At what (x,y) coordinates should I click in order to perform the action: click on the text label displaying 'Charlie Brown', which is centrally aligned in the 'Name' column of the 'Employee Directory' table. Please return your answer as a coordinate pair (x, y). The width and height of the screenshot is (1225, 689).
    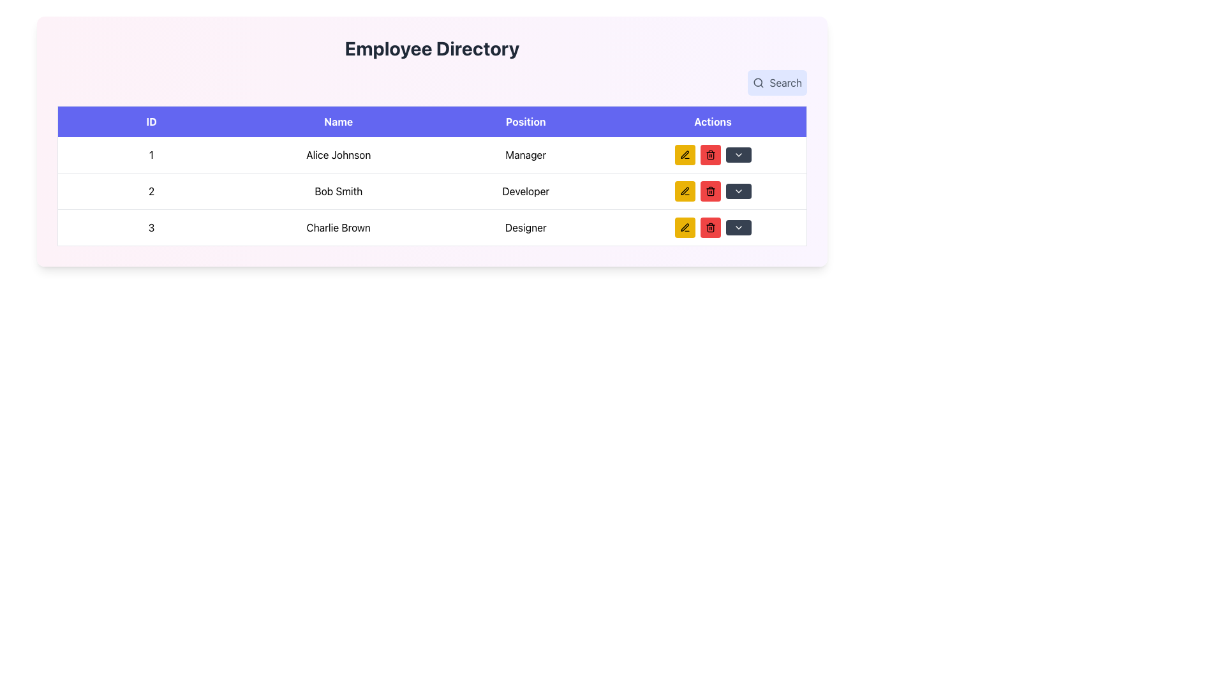
    Looking at the image, I should click on (338, 227).